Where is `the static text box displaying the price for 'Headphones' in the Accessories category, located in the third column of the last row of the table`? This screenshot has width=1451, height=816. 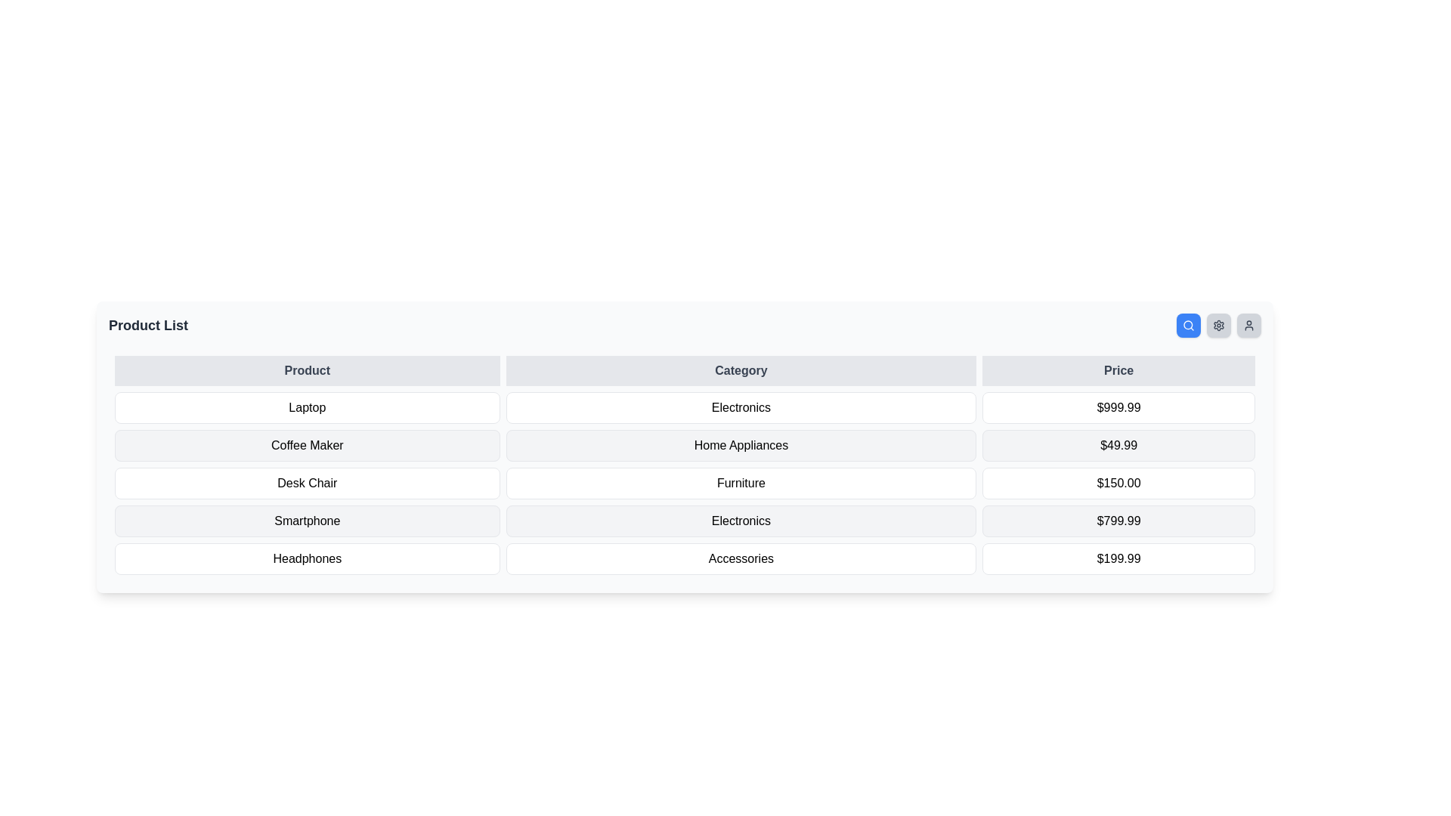 the static text box displaying the price for 'Headphones' in the Accessories category, located in the third column of the last row of the table is located at coordinates (1118, 559).